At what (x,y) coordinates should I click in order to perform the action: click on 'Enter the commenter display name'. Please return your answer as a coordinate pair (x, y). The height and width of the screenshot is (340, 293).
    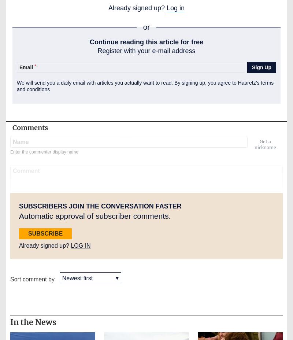
    Looking at the image, I should click on (44, 151).